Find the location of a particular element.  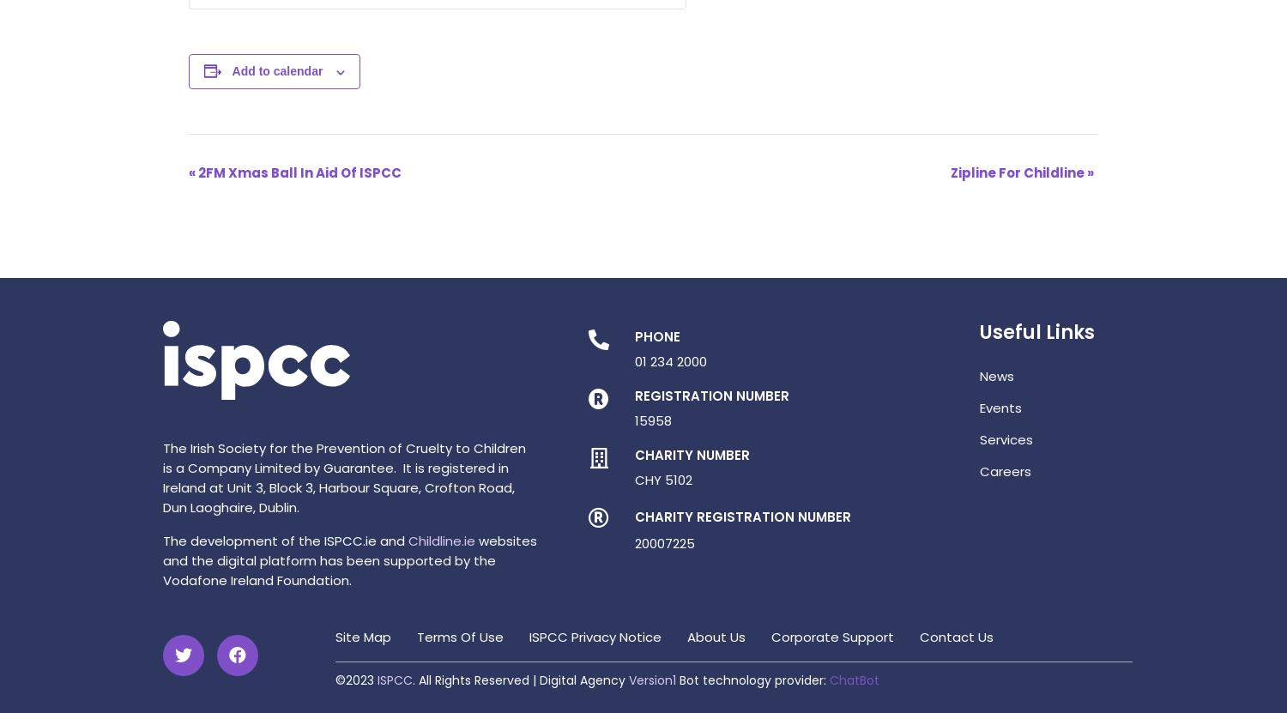

'15958' is located at coordinates (633, 420).